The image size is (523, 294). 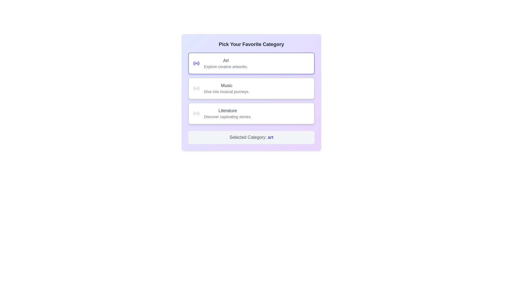 I want to click on the 'Literature' category selection card, which contains the subtitle 'Discover captivating stories.', located in the third card element of the options list, so click(x=227, y=113).